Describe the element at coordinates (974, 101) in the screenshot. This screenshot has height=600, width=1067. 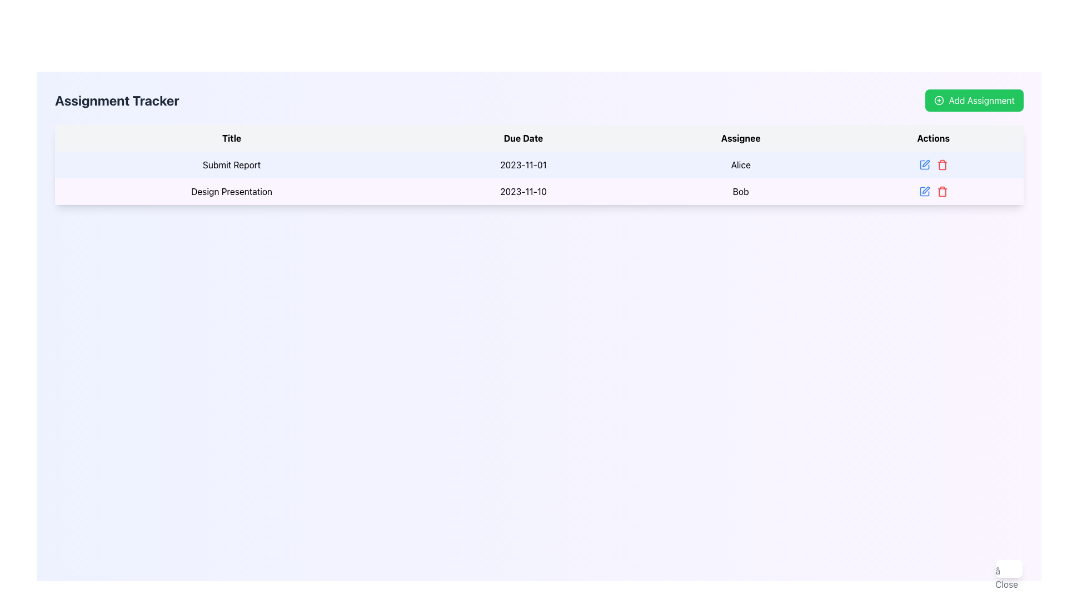
I see `the green 'Add Assignment' button located at the top-right corner of the 'Assignment Tracker' header` at that location.